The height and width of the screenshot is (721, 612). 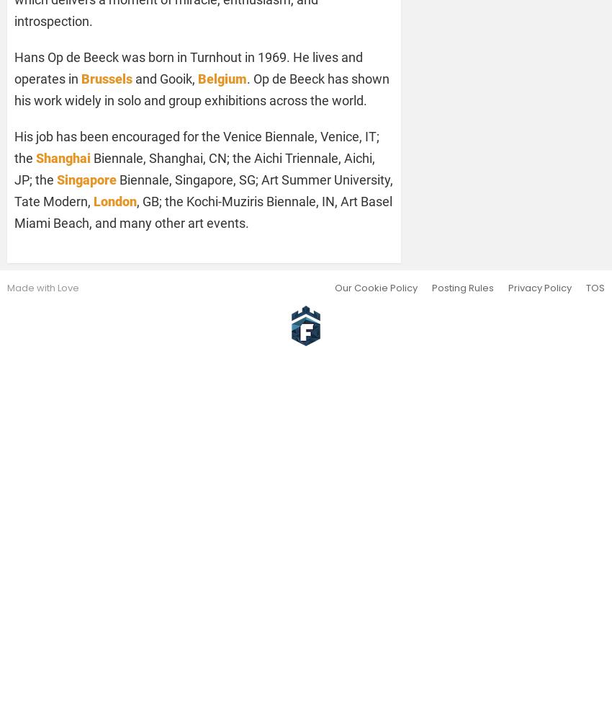 I want to click on 'London', so click(x=114, y=200).